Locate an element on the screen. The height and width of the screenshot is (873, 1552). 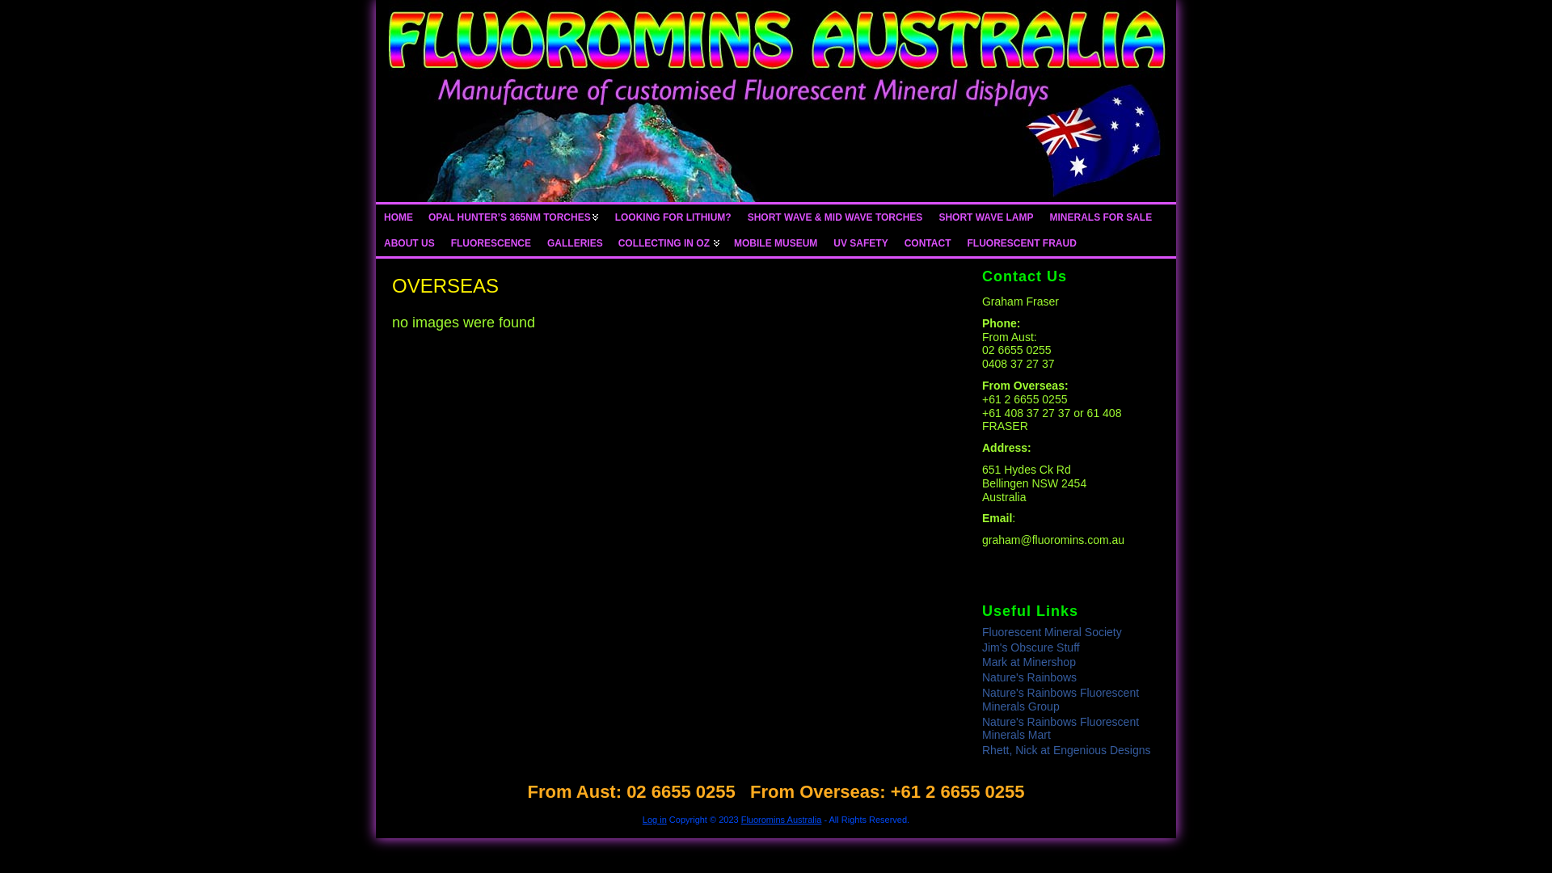
'ABOUT US' is located at coordinates (409, 242).